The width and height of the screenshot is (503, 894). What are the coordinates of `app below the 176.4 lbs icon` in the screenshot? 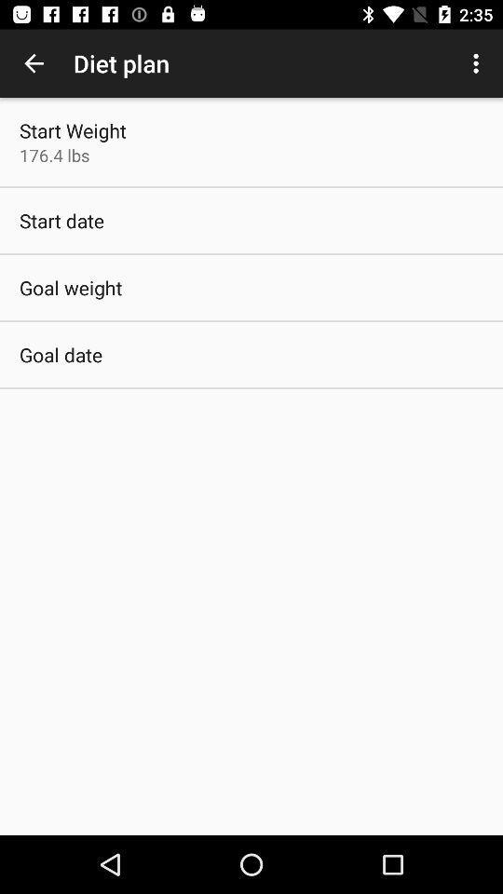 It's located at (61, 221).